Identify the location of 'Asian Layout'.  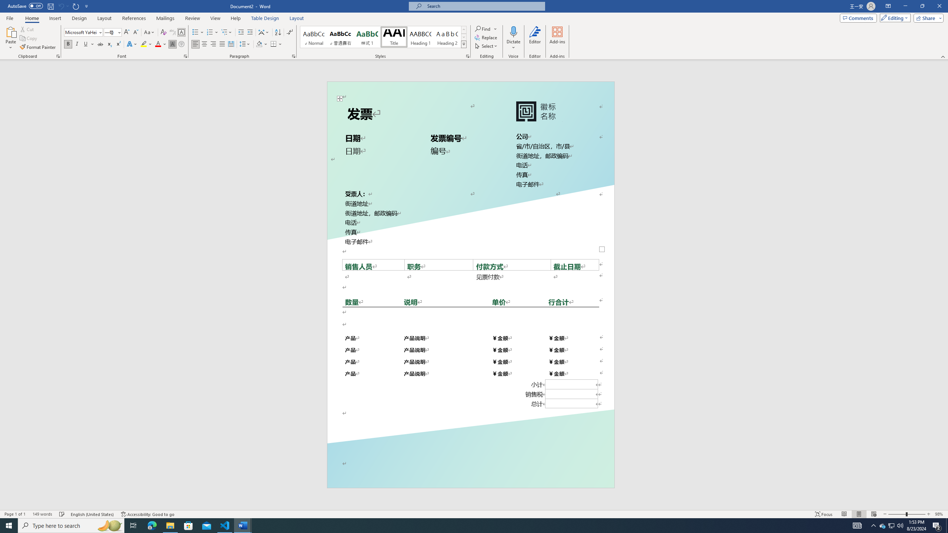
(264, 32).